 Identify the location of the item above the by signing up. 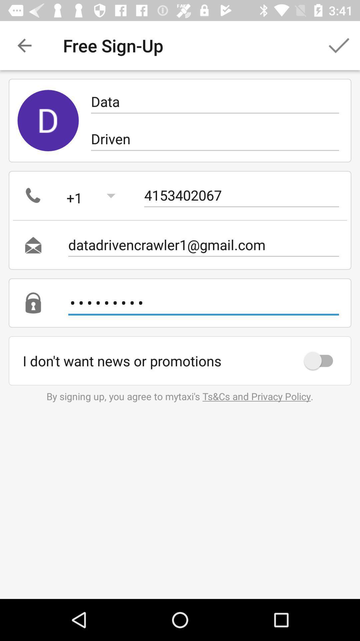
(321, 360).